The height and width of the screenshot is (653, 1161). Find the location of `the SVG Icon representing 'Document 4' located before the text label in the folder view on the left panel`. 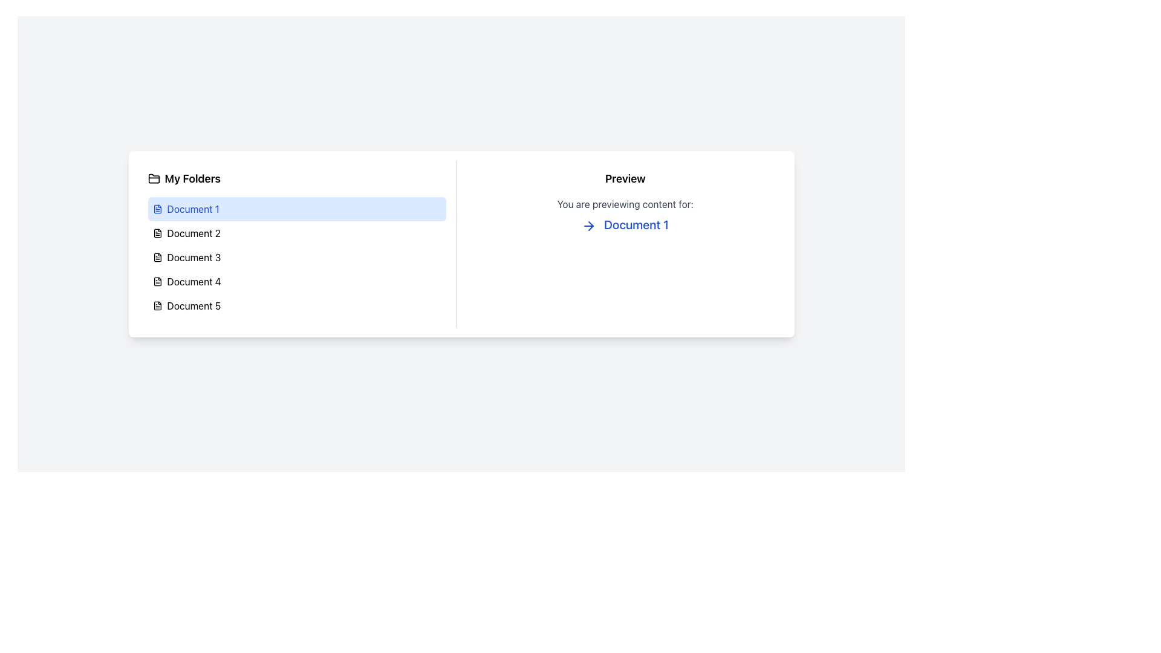

the SVG Icon representing 'Document 4' located before the text label in the folder view on the left panel is located at coordinates (157, 282).